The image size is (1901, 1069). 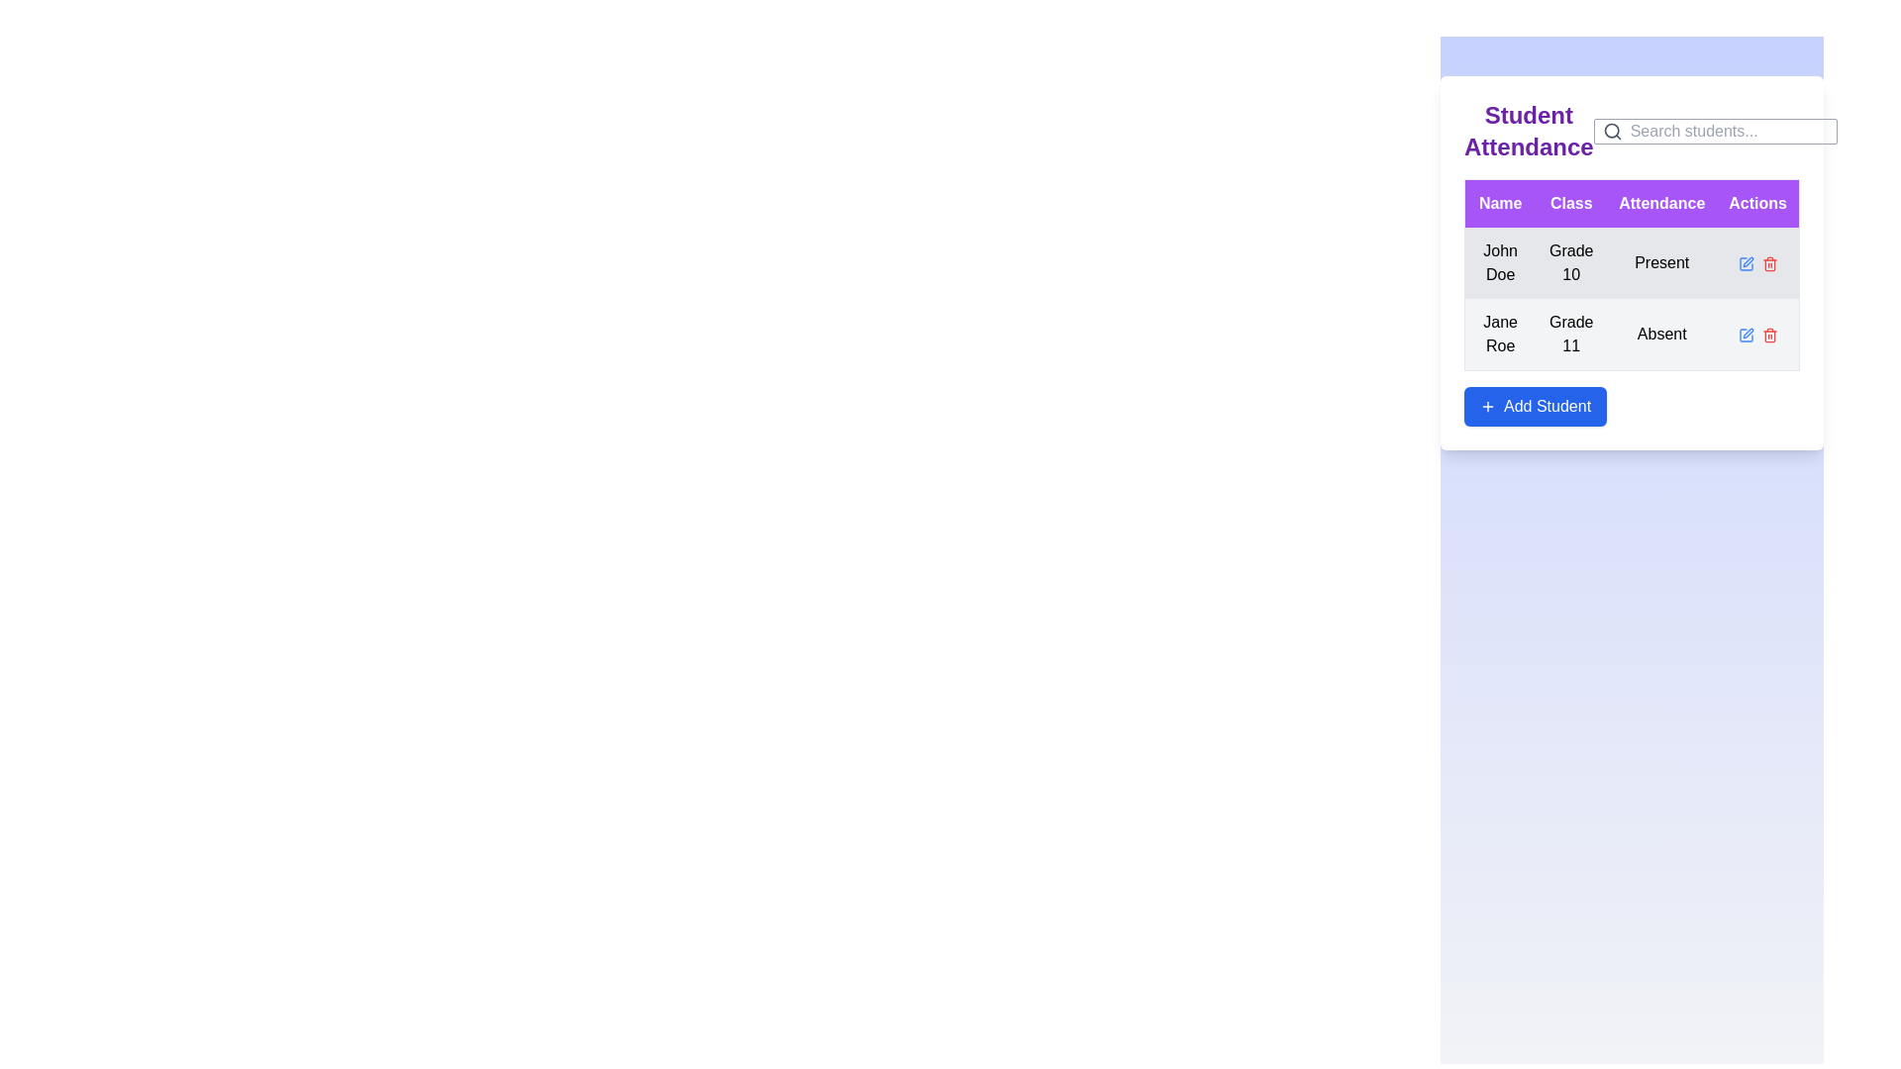 What do you see at coordinates (1570, 203) in the screenshot?
I see `the 'Class' header label, which is a button-like tab with a vibrant purple background and white text, located between the 'Name' and 'Attendance' headers` at bounding box center [1570, 203].